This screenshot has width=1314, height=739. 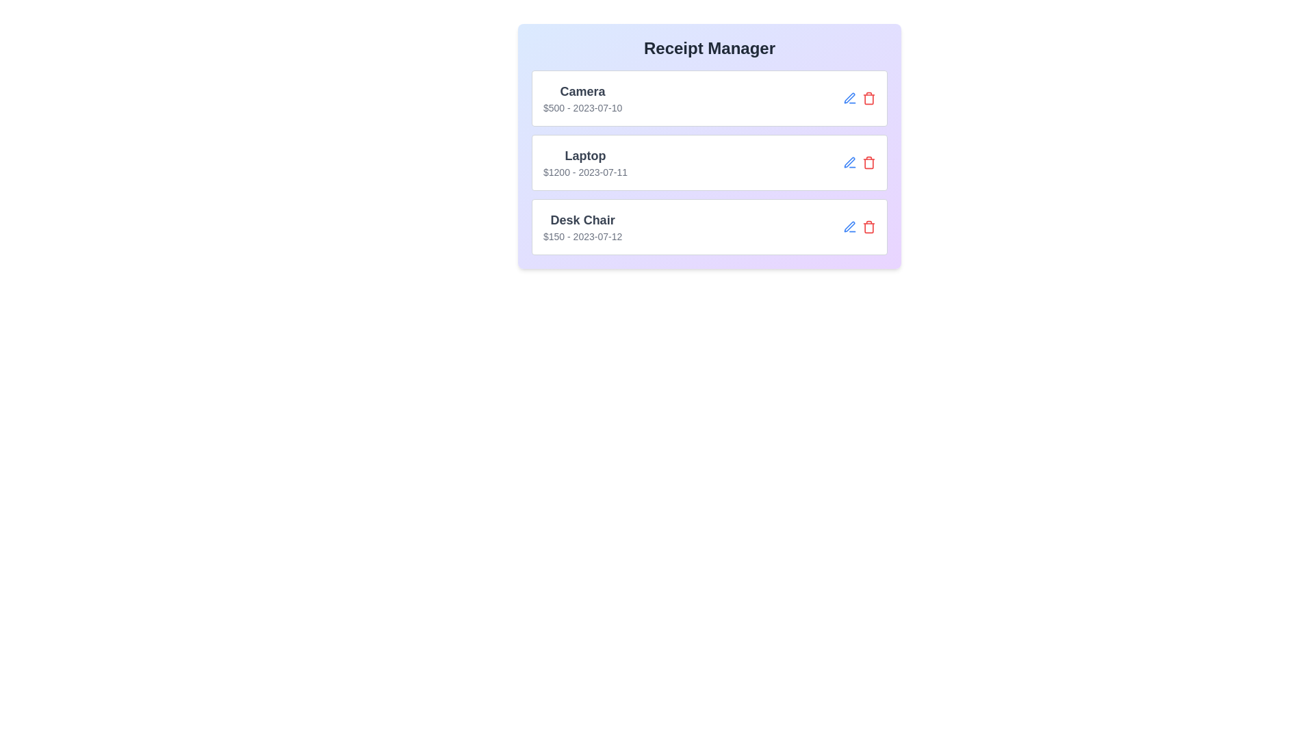 I want to click on the delete button for the receipt entry with item Desk Chair, so click(x=868, y=226).